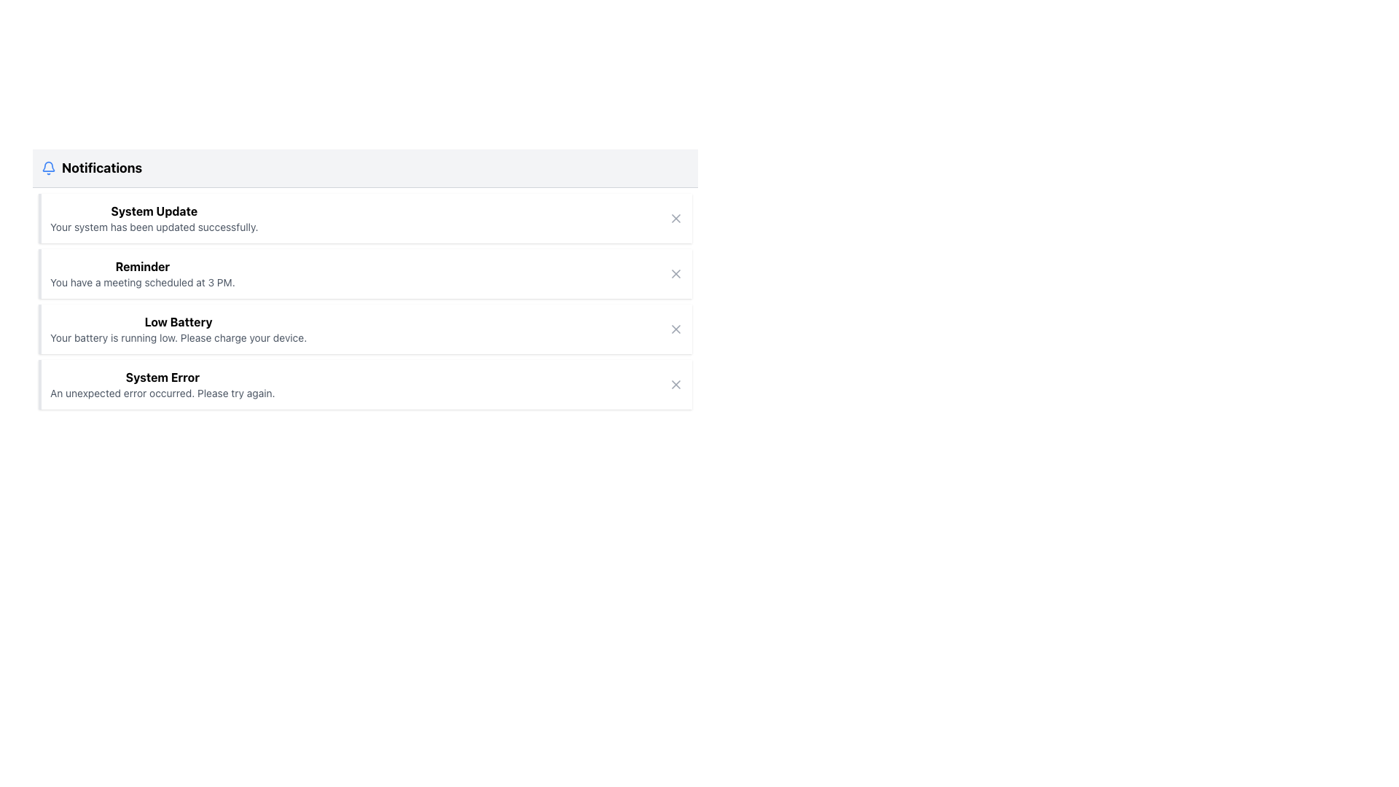  I want to click on the close button in the top-right corner of the 'Low Battery' notification, so click(675, 329).